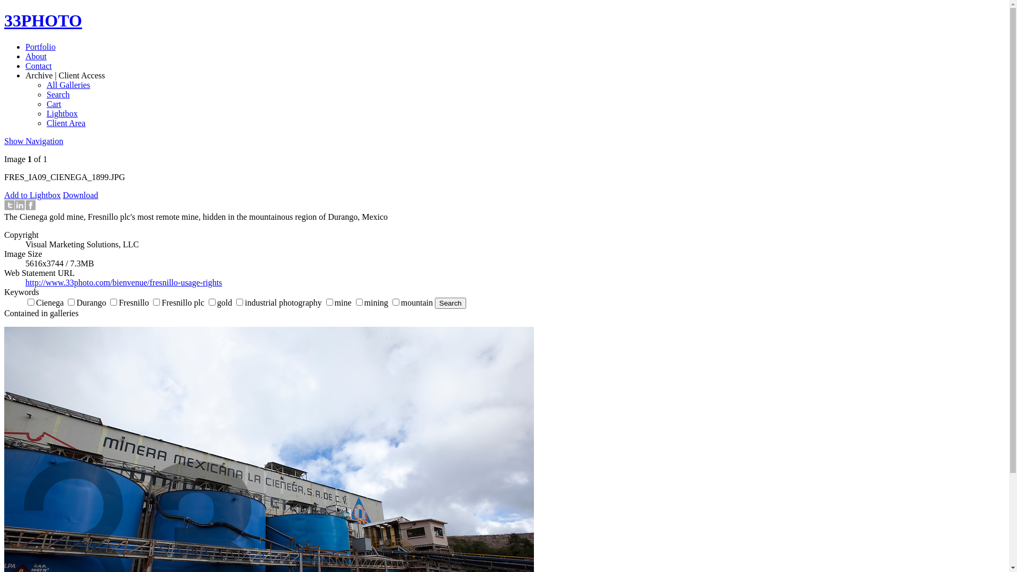 This screenshot has height=572, width=1017. Describe the element at coordinates (63, 195) in the screenshot. I see `'Download'` at that location.